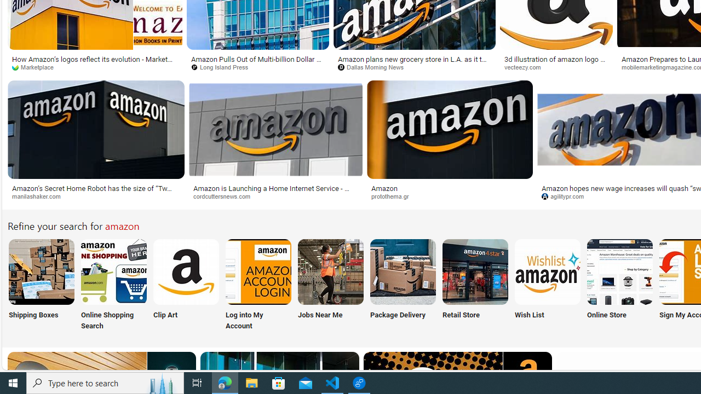  What do you see at coordinates (403, 271) in the screenshot?
I see `'Amazon Package Delivery'` at bounding box center [403, 271].